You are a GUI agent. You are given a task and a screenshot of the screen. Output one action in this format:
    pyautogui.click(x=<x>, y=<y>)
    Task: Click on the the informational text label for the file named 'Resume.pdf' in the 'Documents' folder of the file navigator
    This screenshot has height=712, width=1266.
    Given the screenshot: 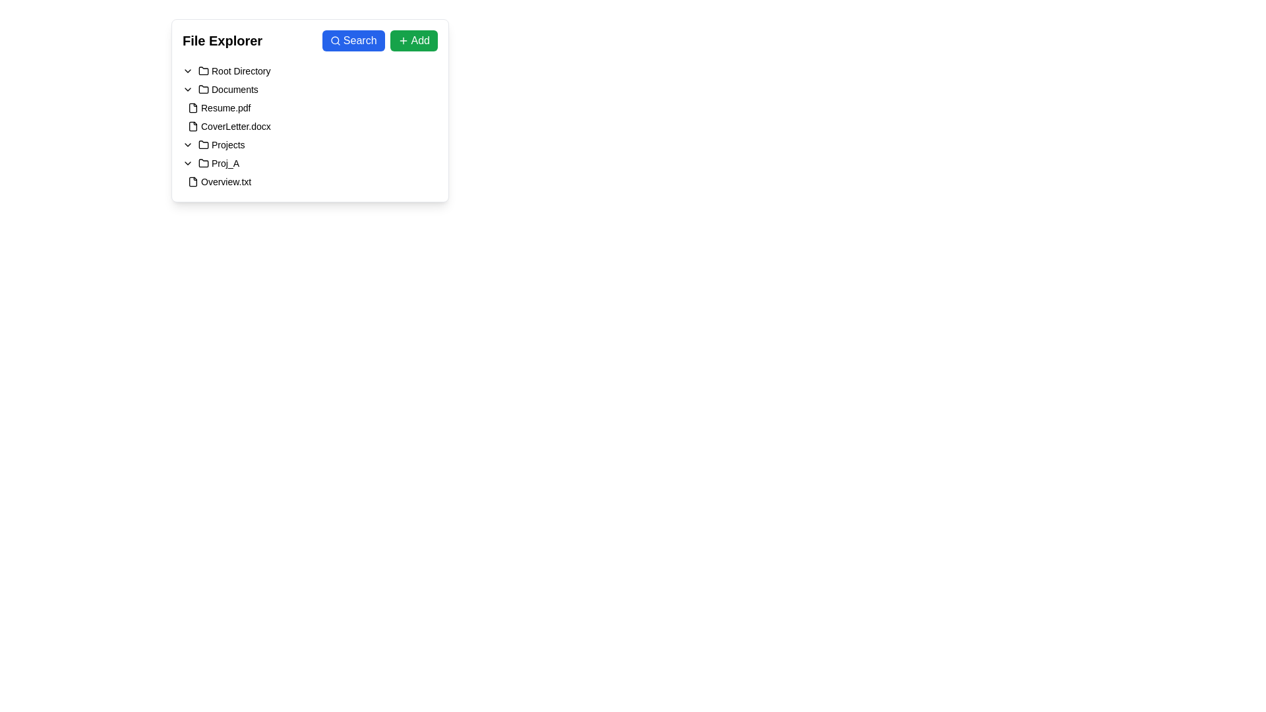 What is the action you would take?
    pyautogui.click(x=226, y=107)
    